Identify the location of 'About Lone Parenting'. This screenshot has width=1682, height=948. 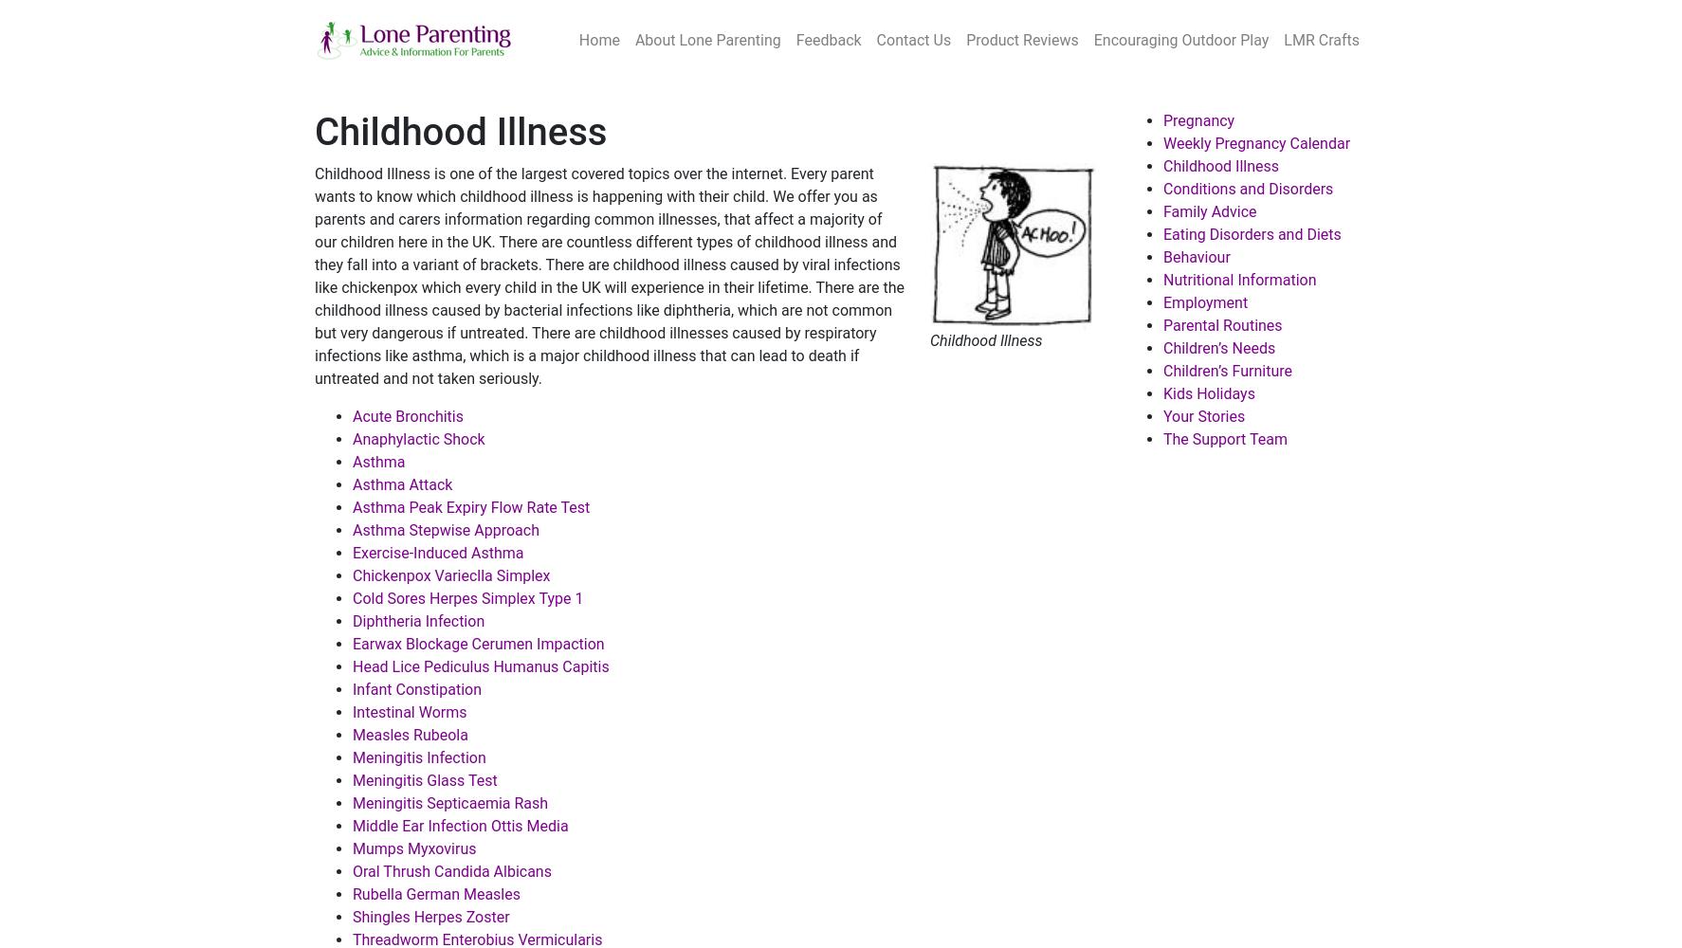
(705, 40).